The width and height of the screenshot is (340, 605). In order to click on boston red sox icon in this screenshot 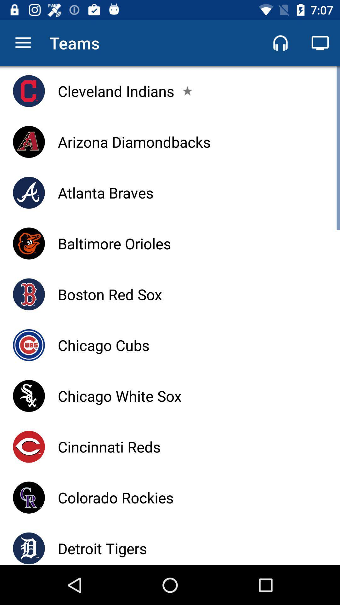, I will do `click(110, 294)`.